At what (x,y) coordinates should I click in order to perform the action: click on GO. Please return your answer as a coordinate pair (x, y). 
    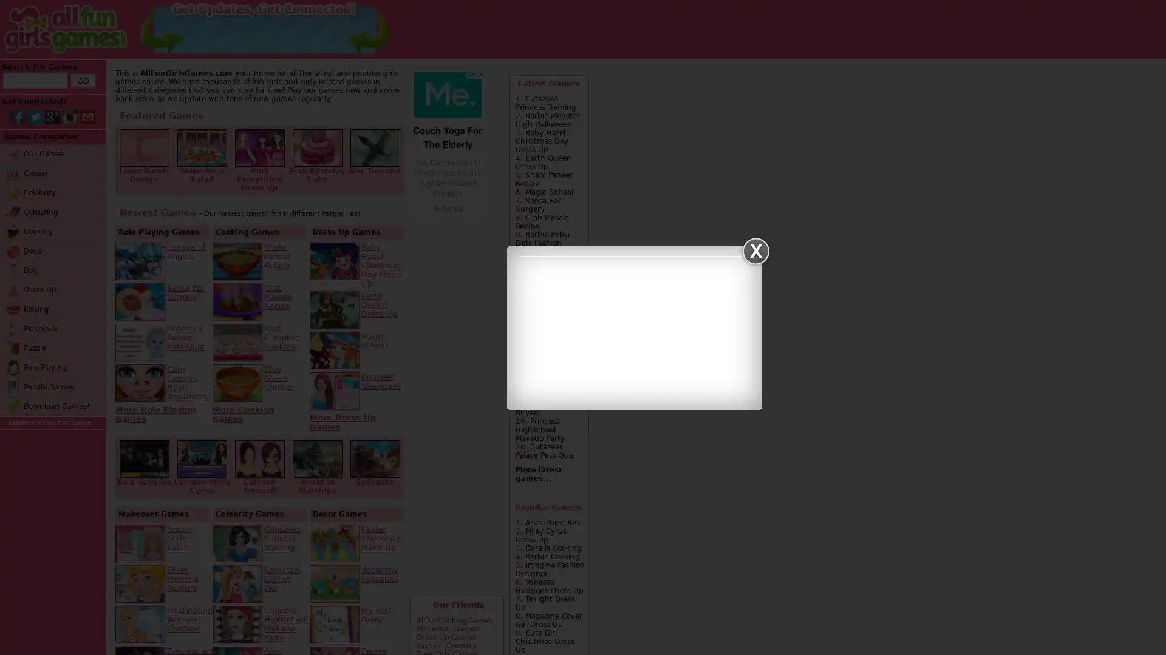
    Looking at the image, I should click on (83, 80).